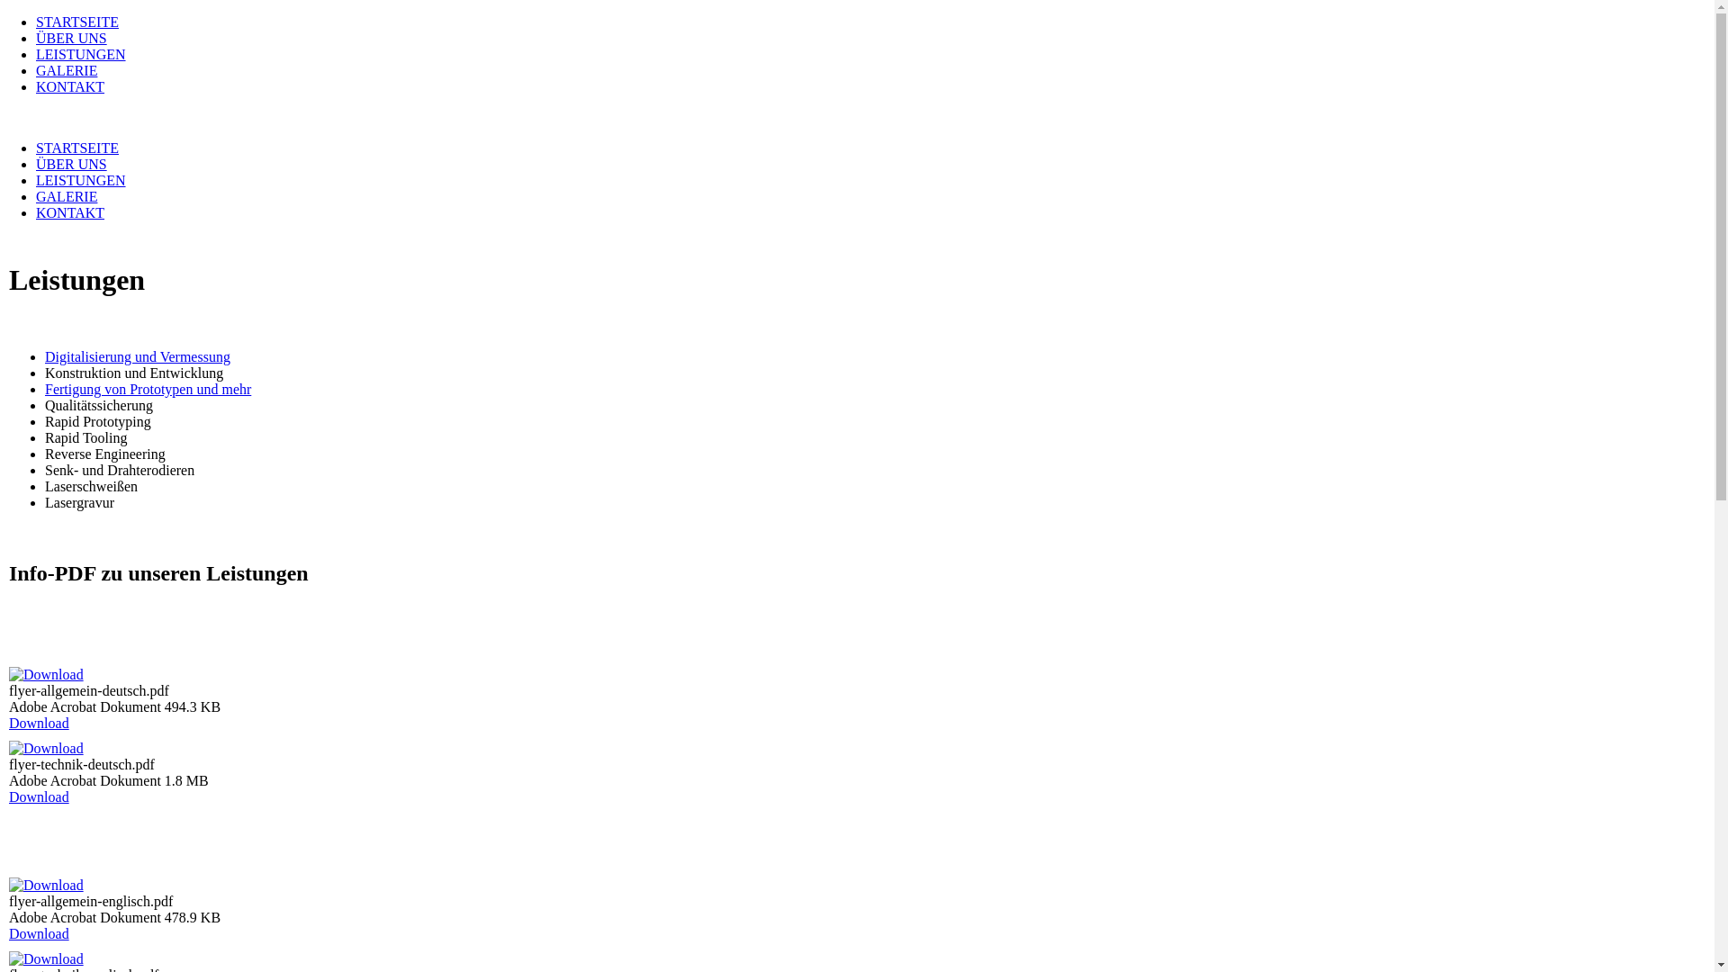 This screenshot has width=1728, height=972. Describe the element at coordinates (69, 211) in the screenshot. I see `'KONTAKT'` at that location.